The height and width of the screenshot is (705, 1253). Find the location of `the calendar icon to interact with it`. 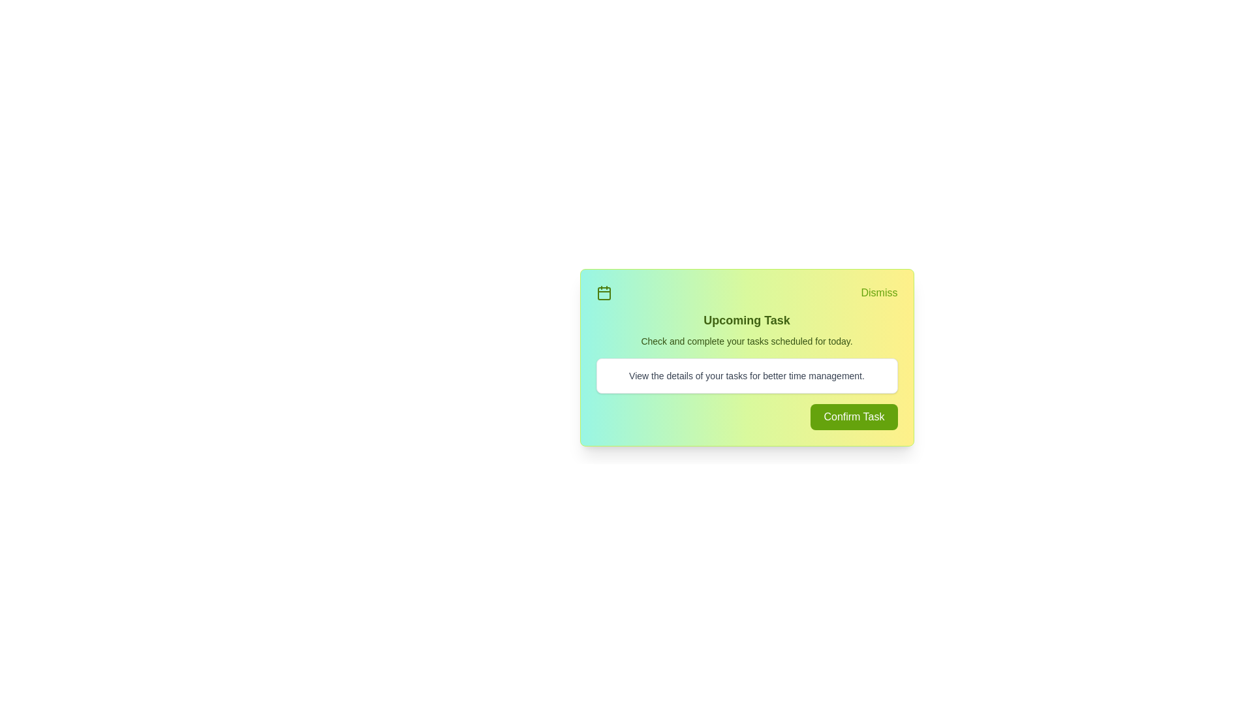

the calendar icon to interact with it is located at coordinates (603, 292).